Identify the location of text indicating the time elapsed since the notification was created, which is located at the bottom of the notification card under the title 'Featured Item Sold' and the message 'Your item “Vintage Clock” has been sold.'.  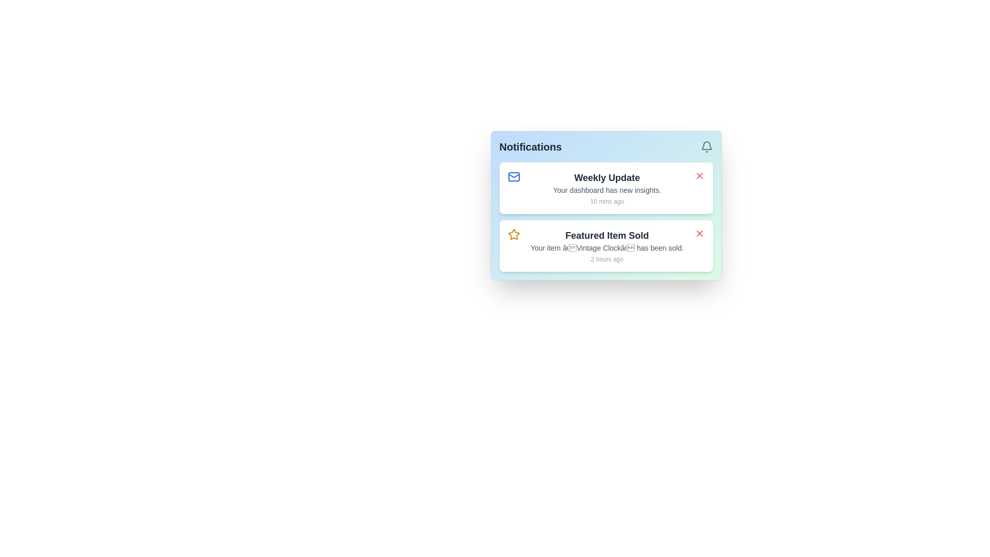
(607, 258).